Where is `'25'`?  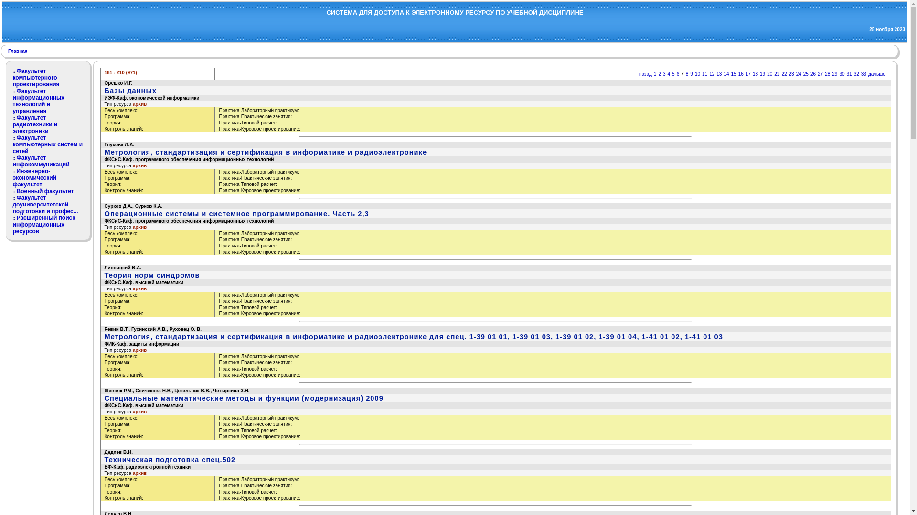 '25' is located at coordinates (805, 73).